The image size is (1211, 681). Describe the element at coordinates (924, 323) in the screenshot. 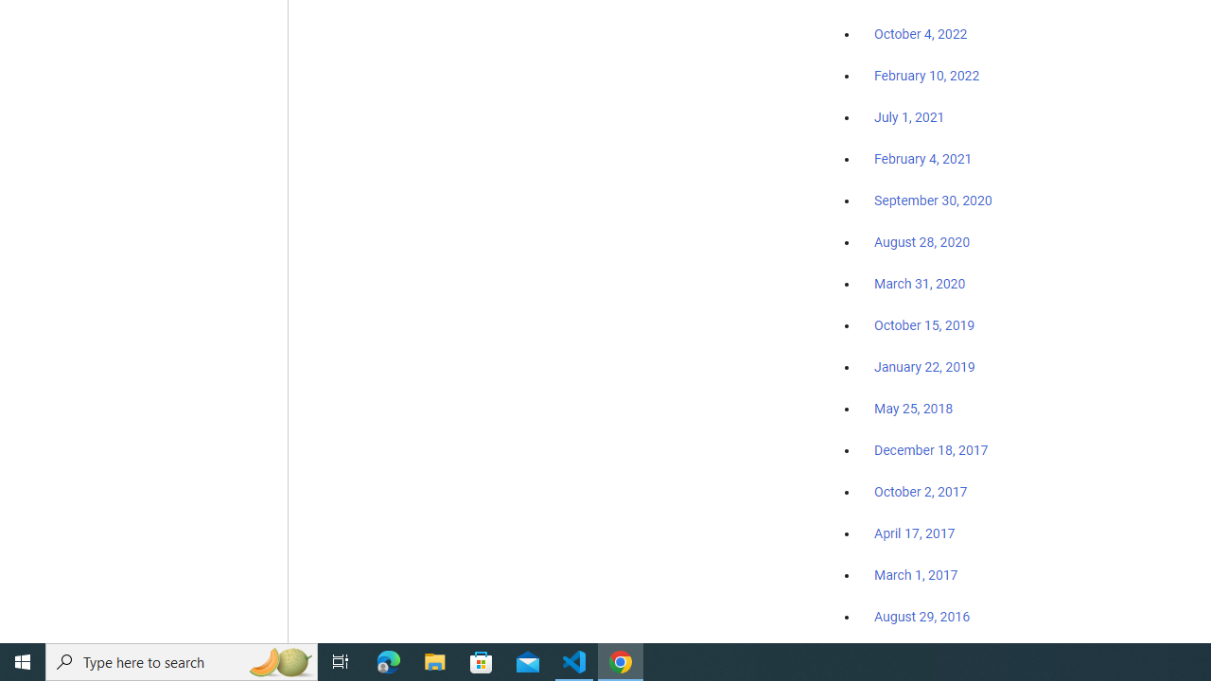

I see `'October 15, 2019'` at that location.